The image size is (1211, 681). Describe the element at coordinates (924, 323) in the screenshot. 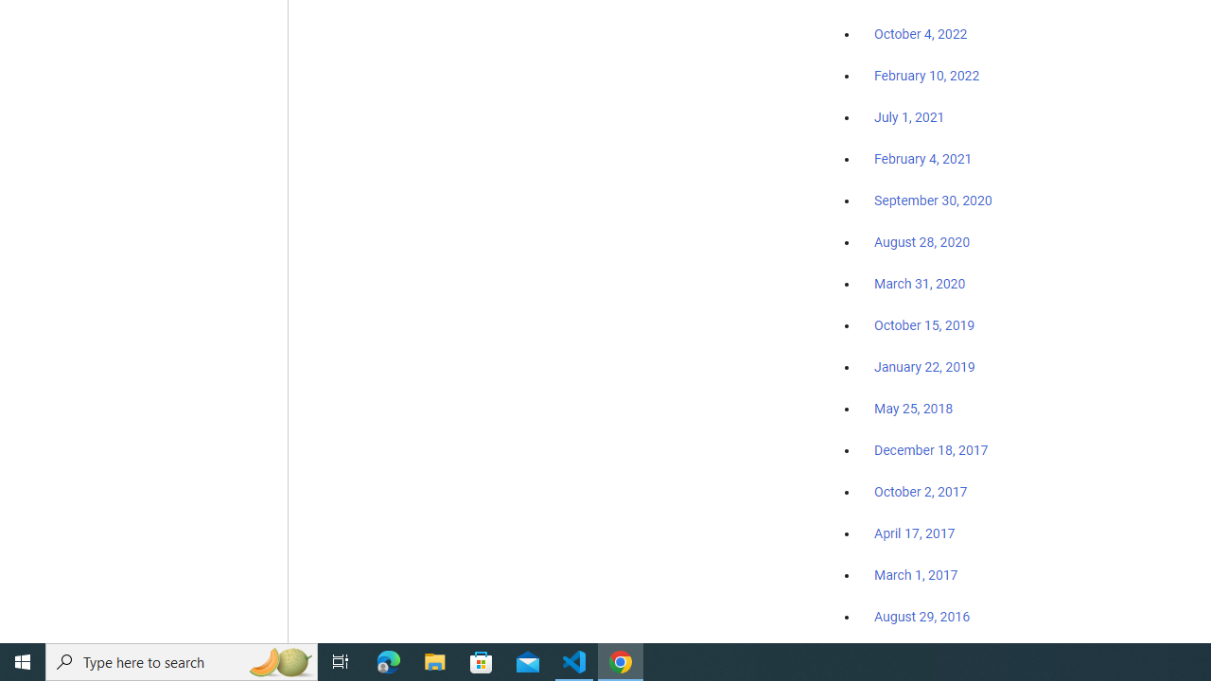

I see `'October 15, 2019'` at that location.